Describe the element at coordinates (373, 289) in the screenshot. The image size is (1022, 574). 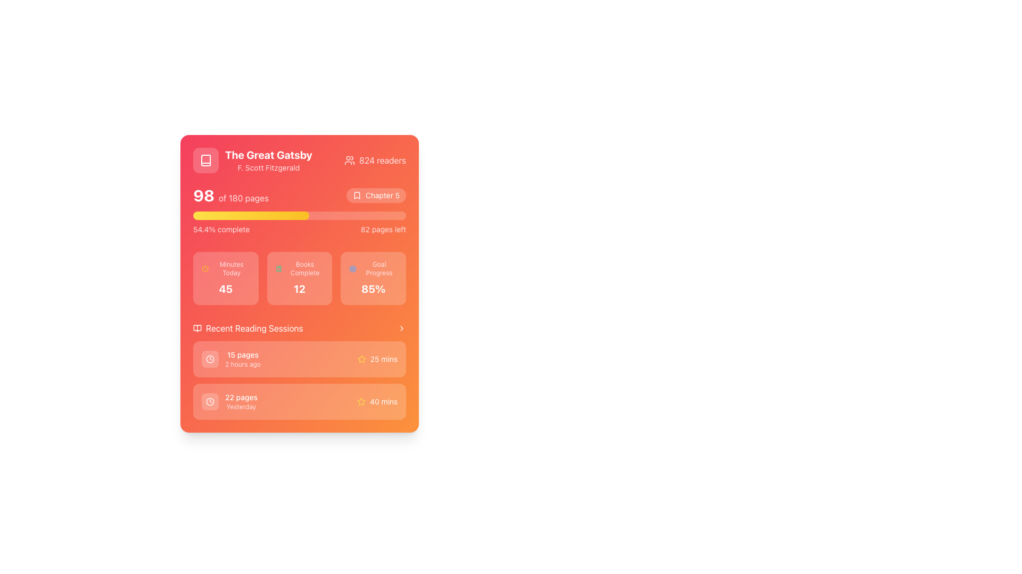
I see `the percentage of completion displayed on the Text label within the 'Goal Progress' panel, which is centrally aligned in the greenish subcard` at that location.